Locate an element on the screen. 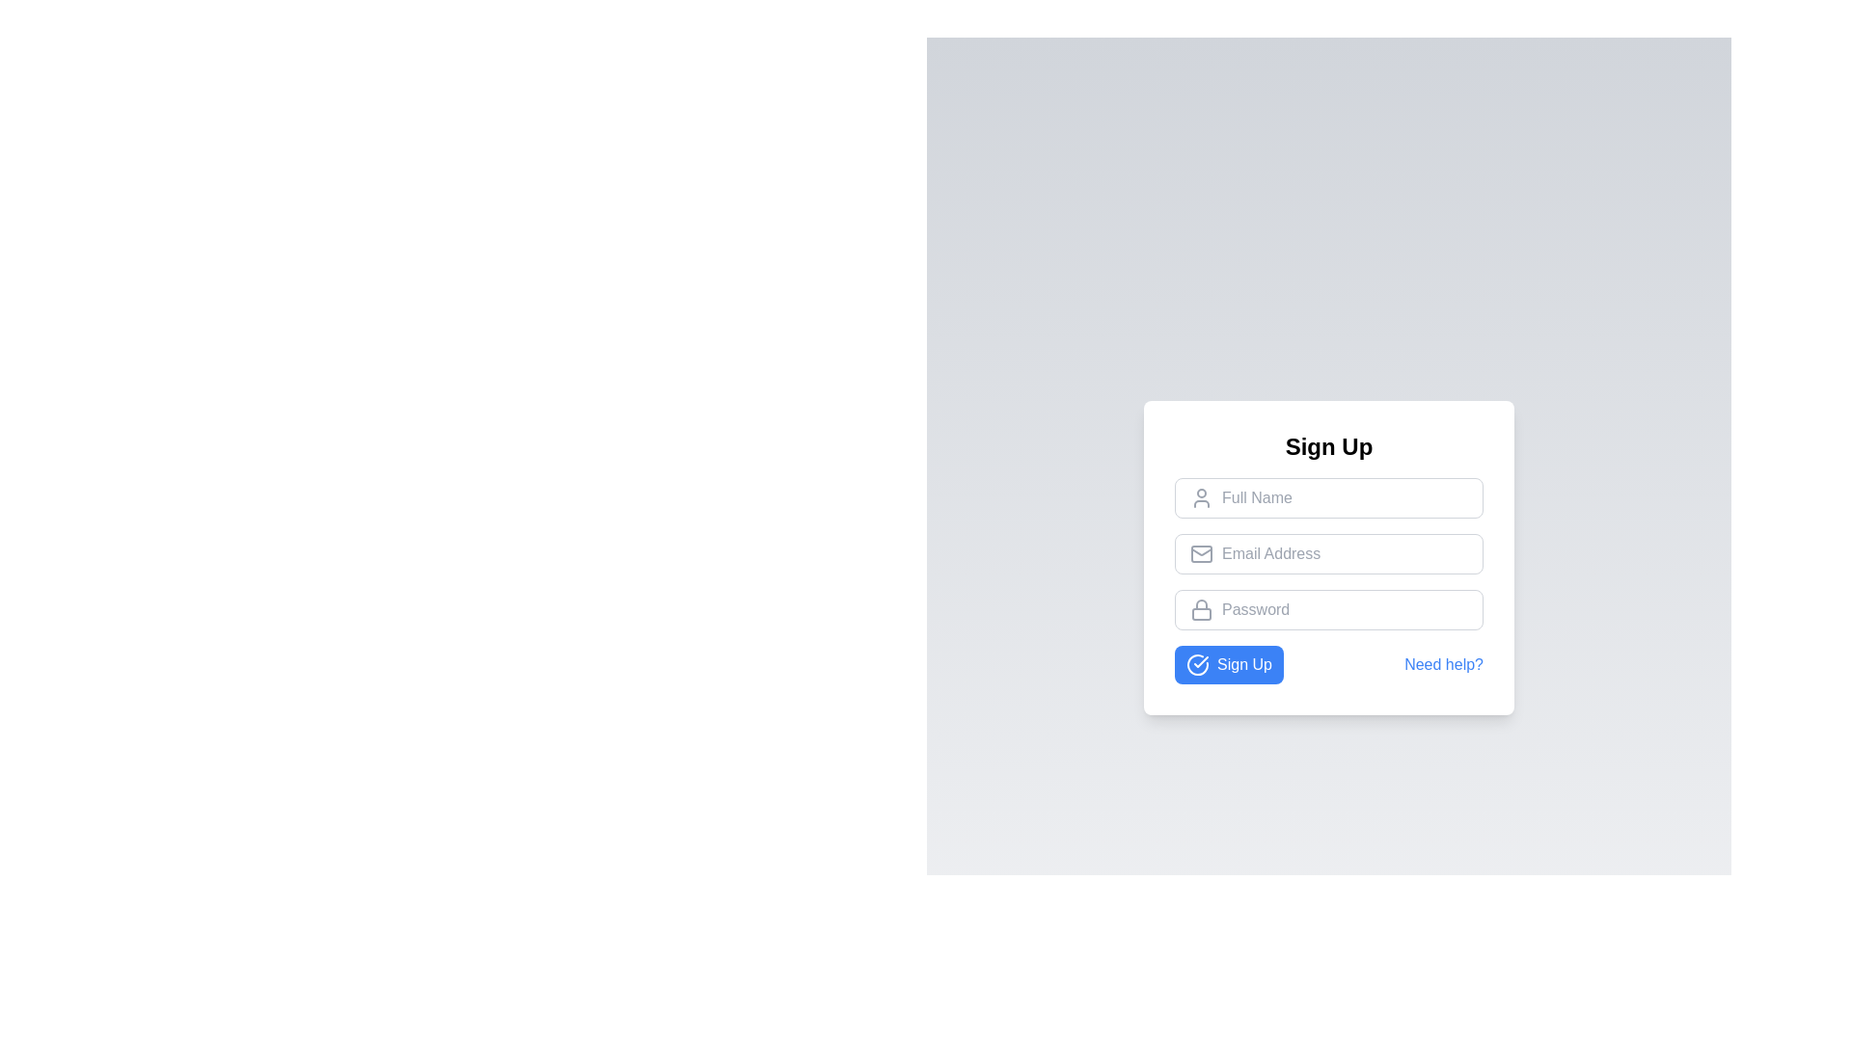 The height and width of the screenshot is (1041, 1852). the Decorative Rectangle element, which forms the body of a padlock icon adjacent to the password input field in the form section is located at coordinates (1201, 614).